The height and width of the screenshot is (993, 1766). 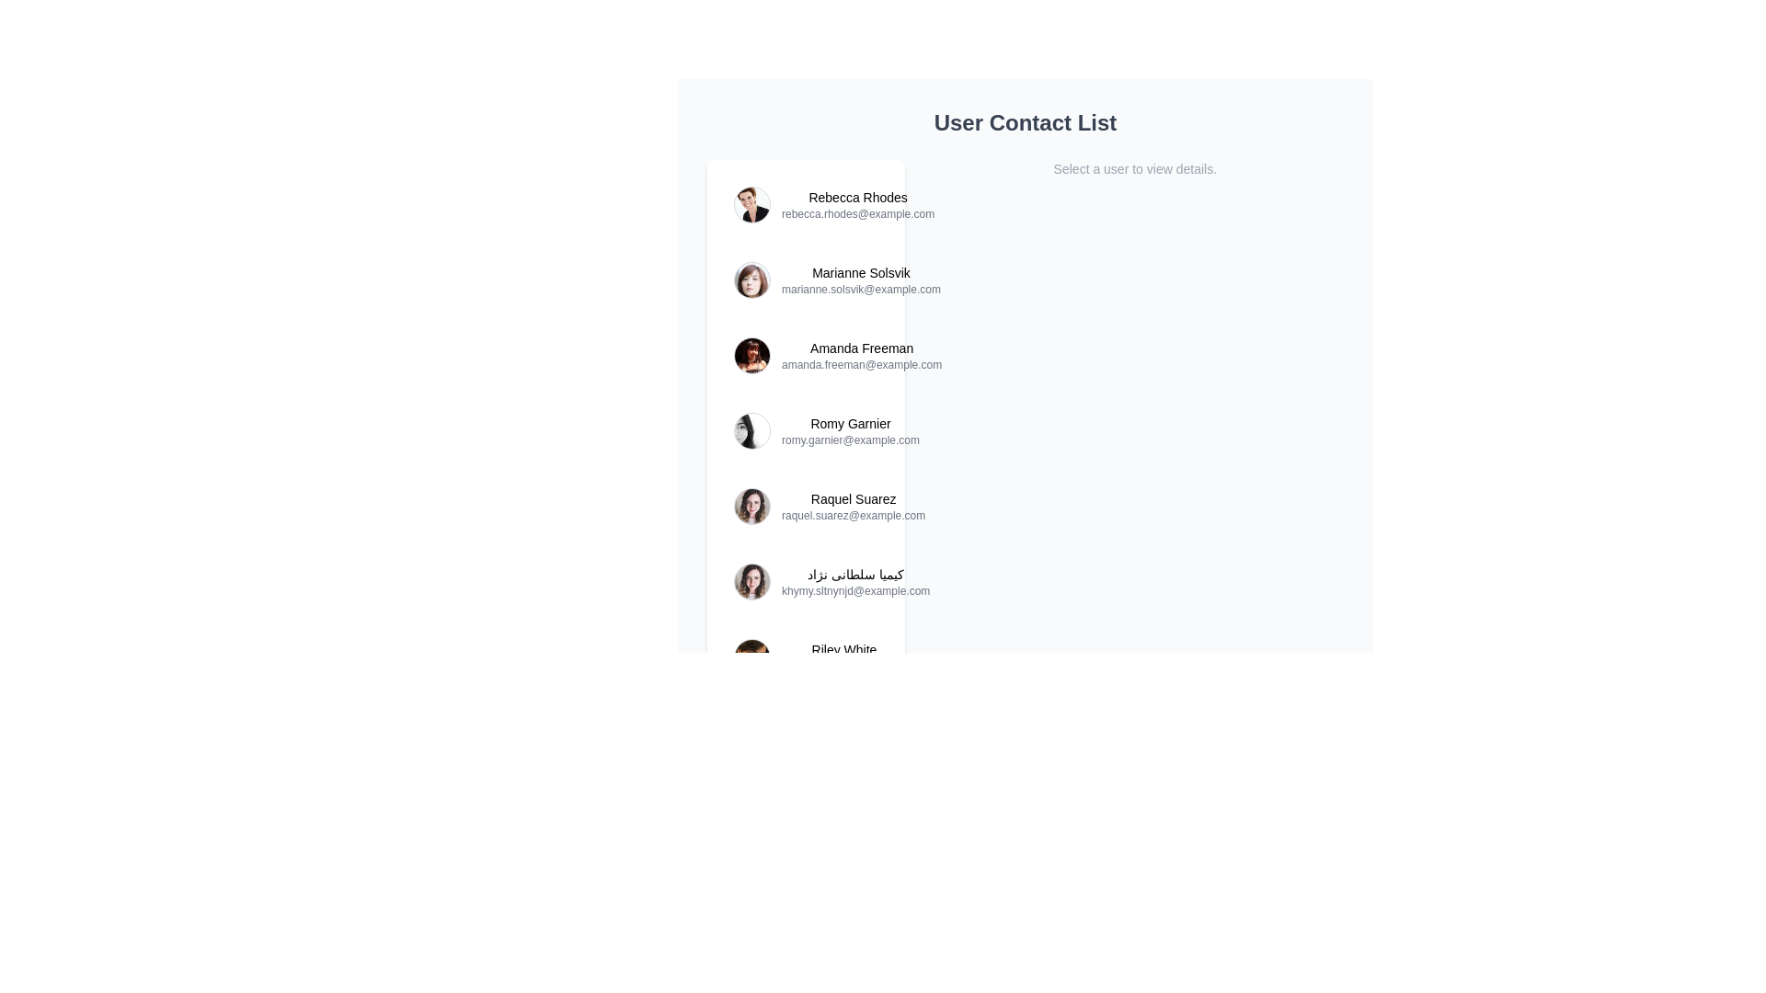 I want to click on the Text content group that presents identification information for the user, located below 'Amanda Freeman' and above 'Raquel Suarez', aligned to the right of the profile picture, so click(x=850, y=431).